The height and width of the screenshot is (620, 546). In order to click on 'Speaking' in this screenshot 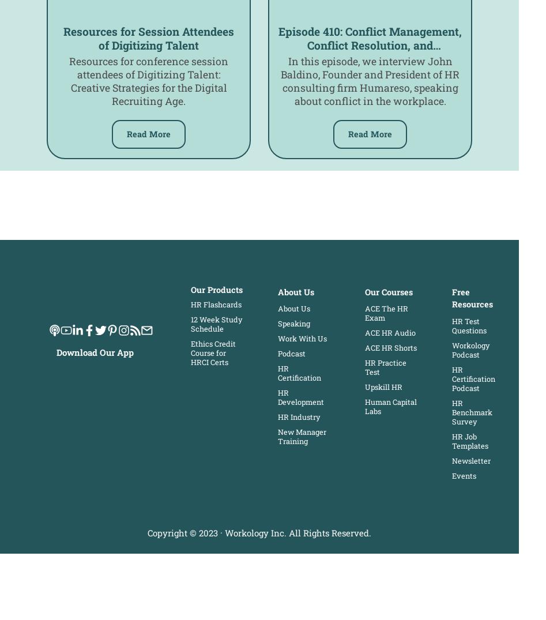, I will do `click(276, 324)`.